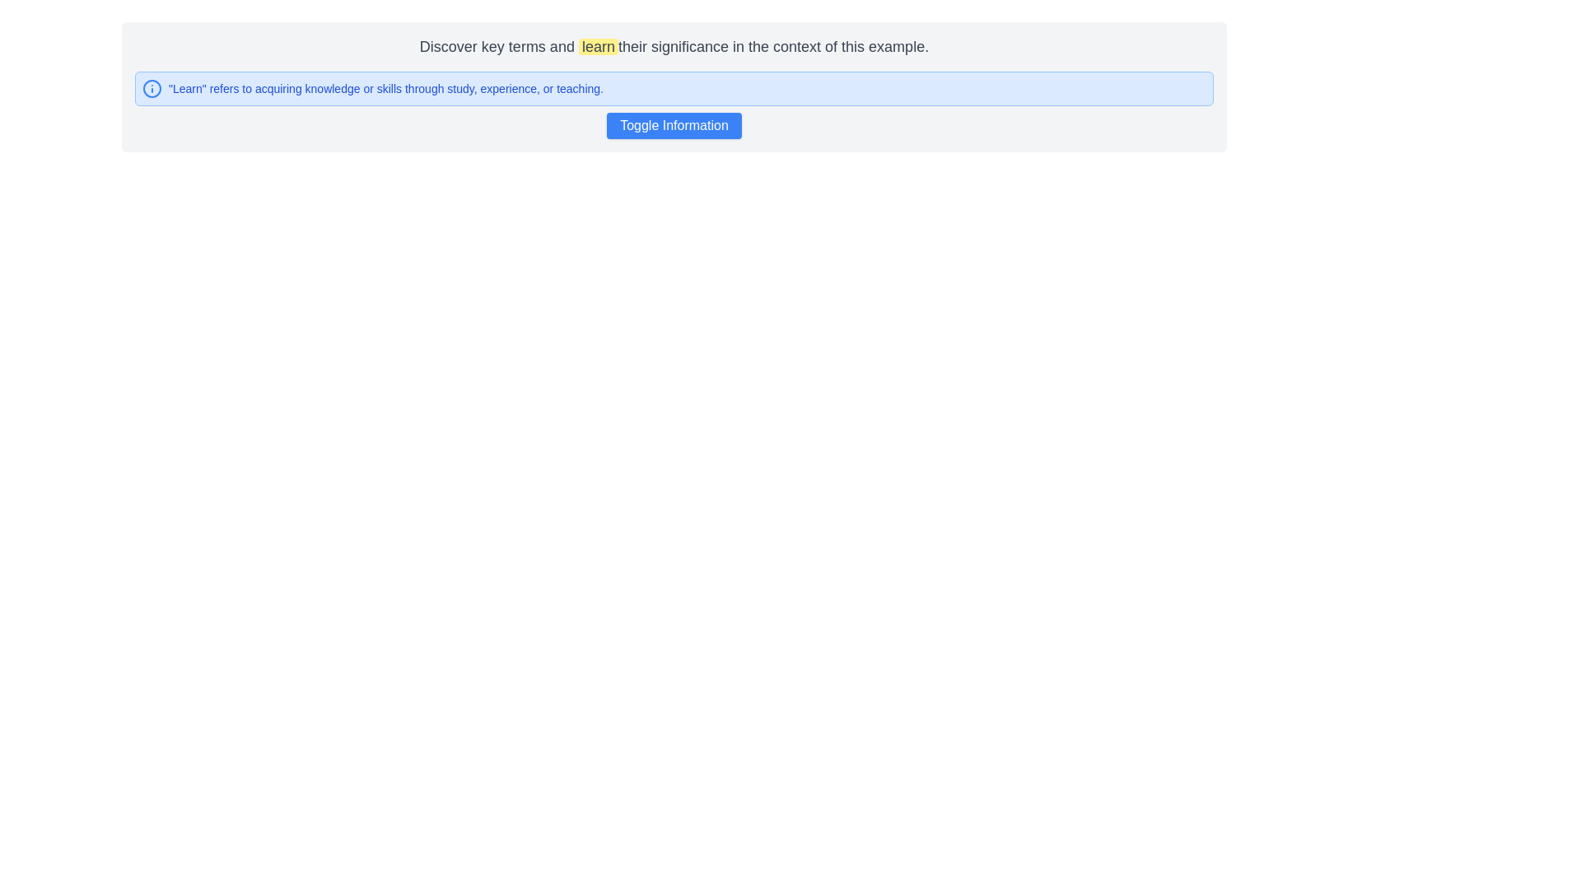 This screenshot has height=889, width=1581. Describe the element at coordinates (597, 46) in the screenshot. I see `highlighted word 'learn' which is displayed in bold with a rounded yellow background, located near the top of the interface` at that location.